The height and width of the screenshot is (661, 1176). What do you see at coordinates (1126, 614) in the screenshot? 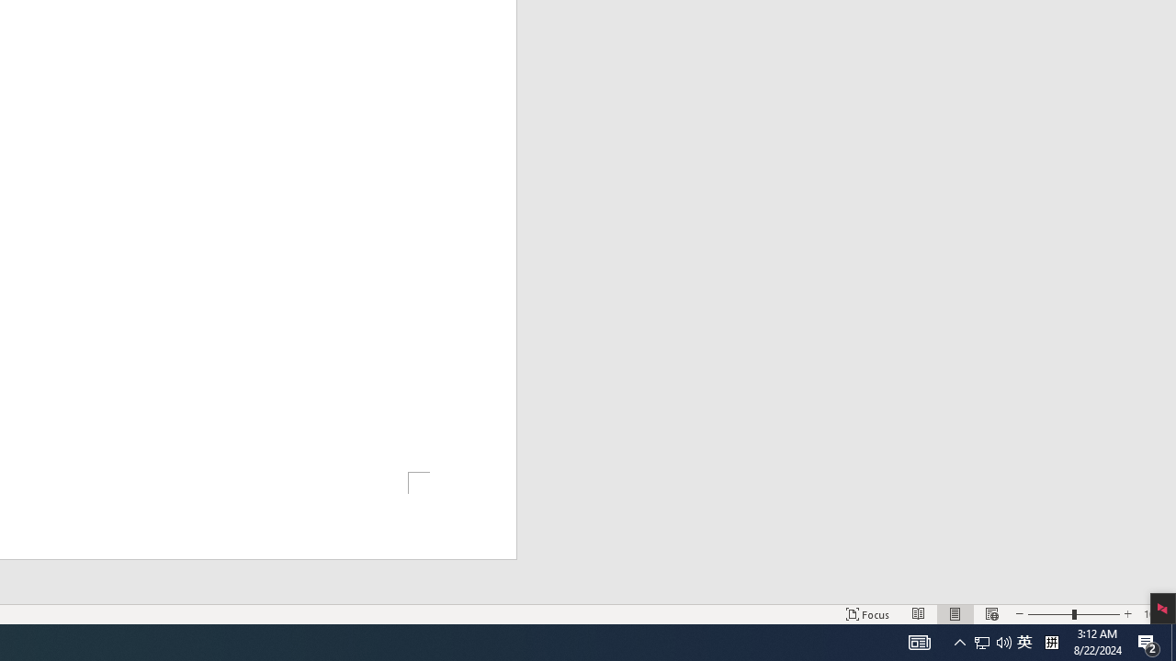
I see `'Zoom In'` at bounding box center [1126, 614].